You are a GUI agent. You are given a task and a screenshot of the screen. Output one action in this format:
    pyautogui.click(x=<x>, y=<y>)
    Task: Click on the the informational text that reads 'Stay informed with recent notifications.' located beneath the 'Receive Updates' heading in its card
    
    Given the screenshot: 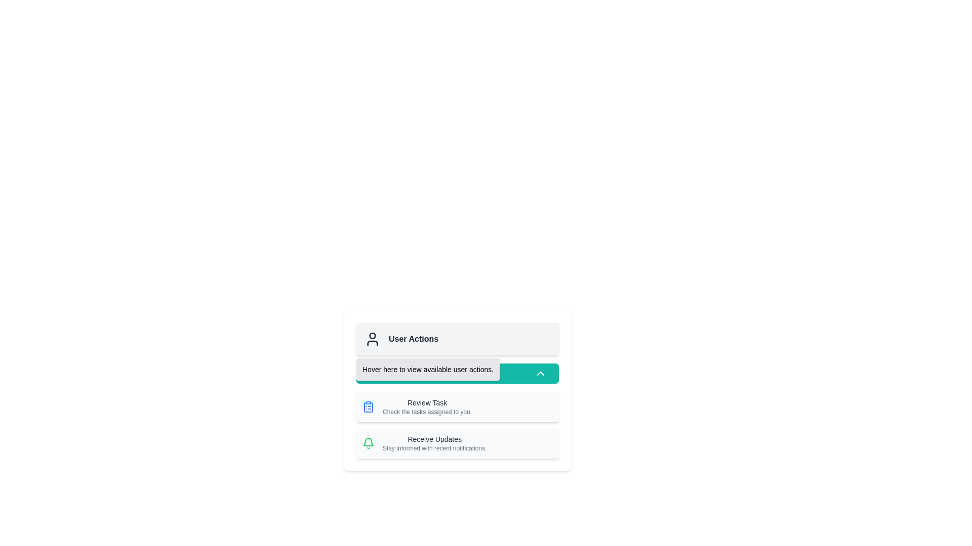 What is the action you would take?
    pyautogui.click(x=434, y=448)
    